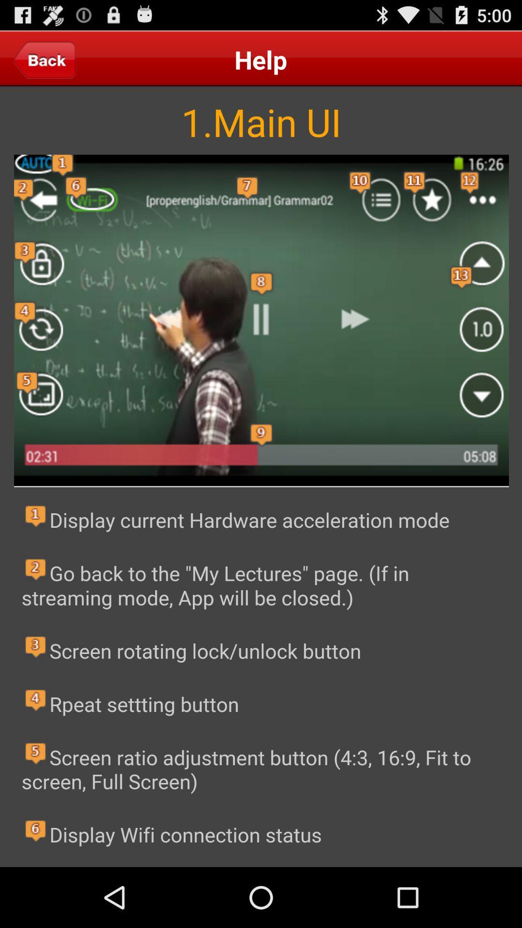  Describe the element at coordinates (44, 59) in the screenshot. I see `back to previous` at that location.